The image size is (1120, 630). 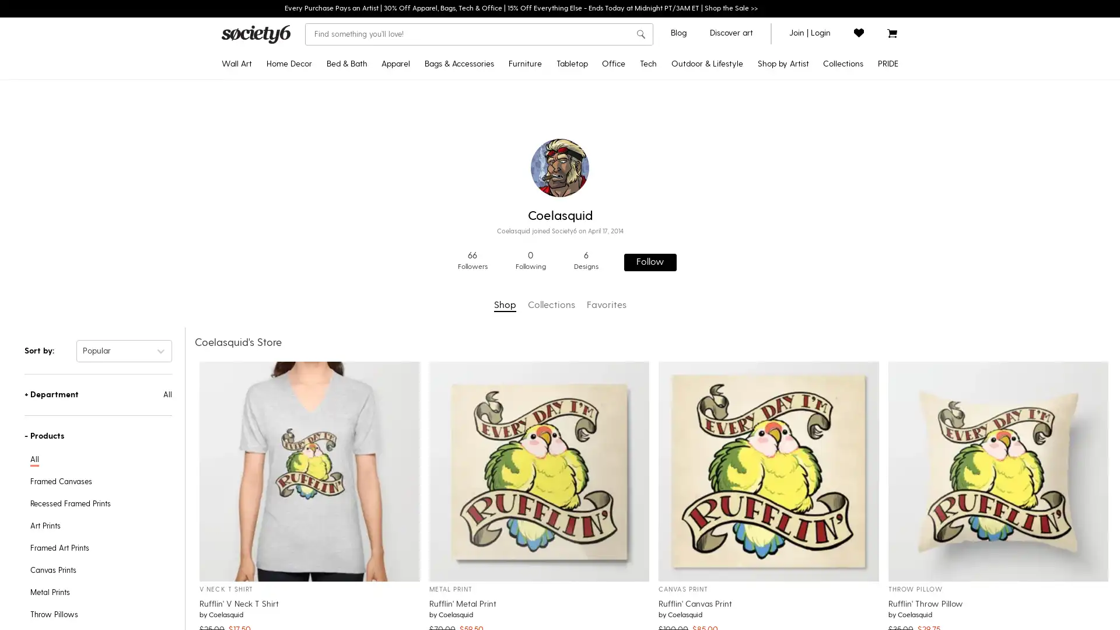 I want to click on Water Bottles, so click(x=722, y=150).